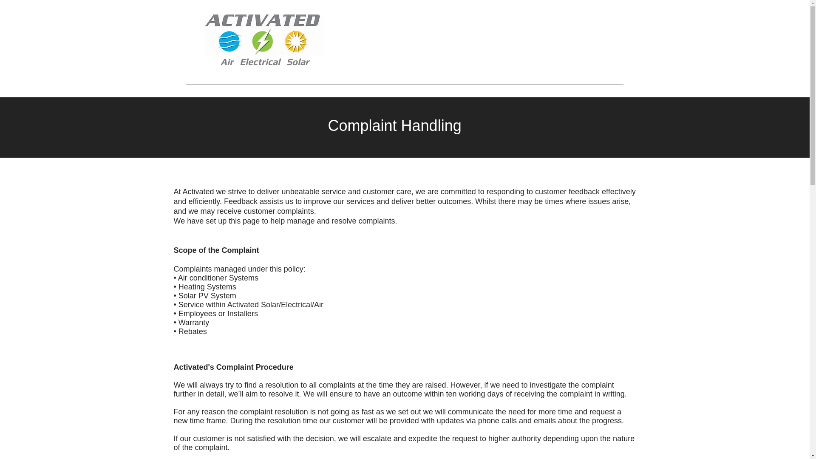 The image size is (816, 459). Describe the element at coordinates (571, 42) in the screenshot. I see `'Call Now'` at that location.